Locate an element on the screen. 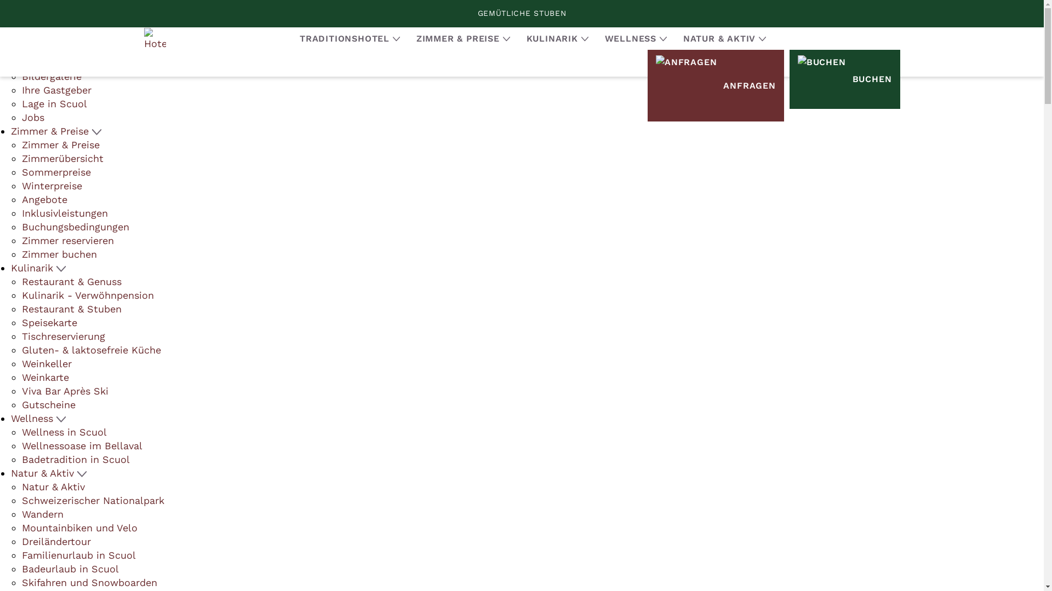  'Natur & Aktiv' is located at coordinates (53, 486).